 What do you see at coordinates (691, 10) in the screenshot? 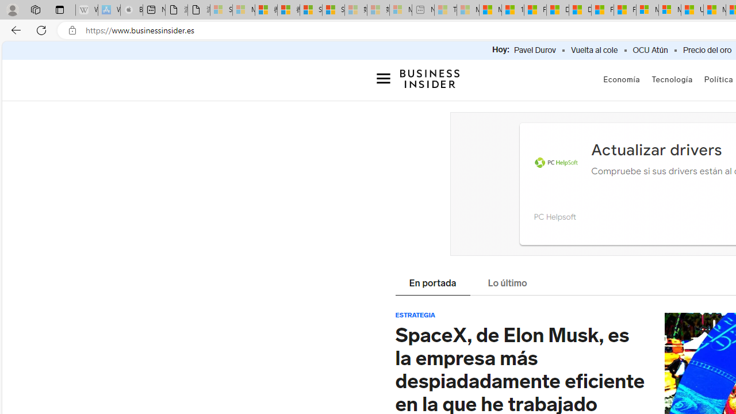
I see `'US Heat Deaths Soared To Record High Last Year'` at bounding box center [691, 10].